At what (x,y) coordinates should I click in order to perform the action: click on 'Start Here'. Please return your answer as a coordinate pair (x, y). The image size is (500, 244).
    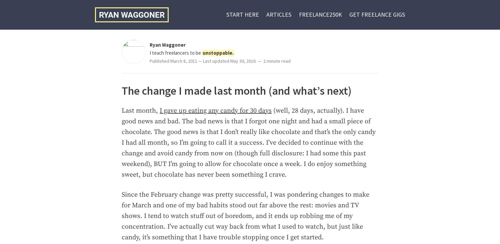
    Looking at the image, I should click on (242, 14).